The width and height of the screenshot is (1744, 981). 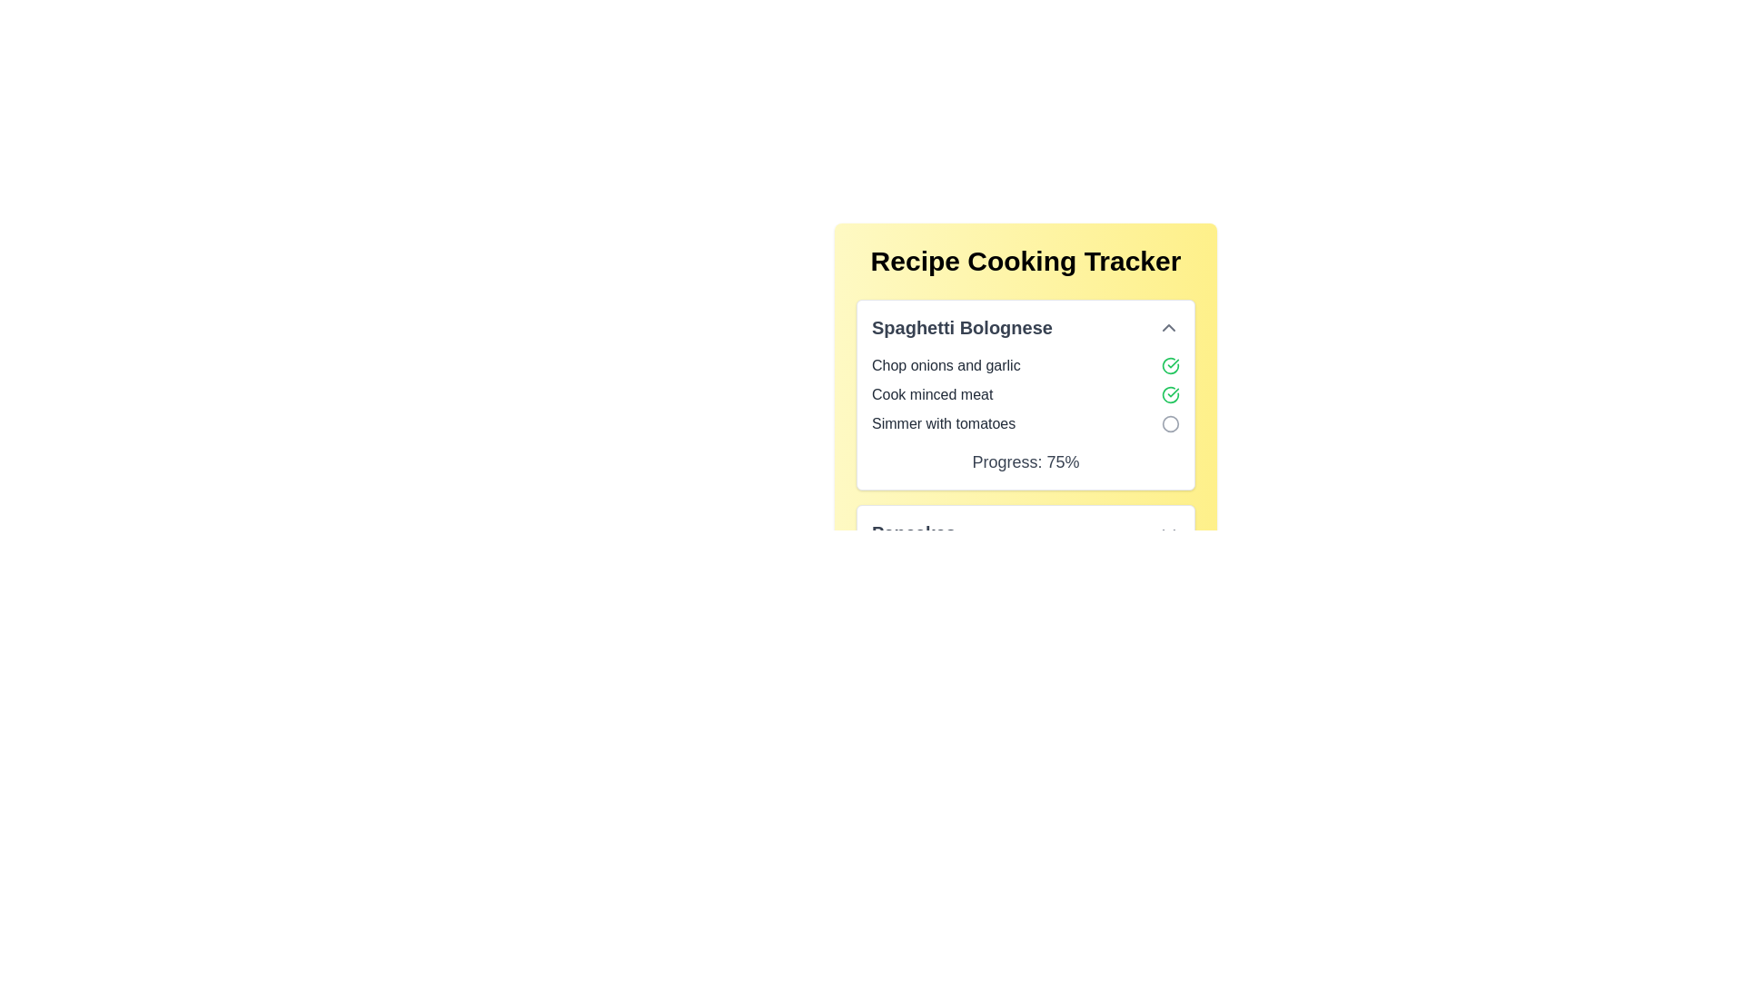 I want to click on the visual indicator icon that marks the 'Chop onions and garlic' task as completed in the checklist interface, so click(x=1171, y=365).